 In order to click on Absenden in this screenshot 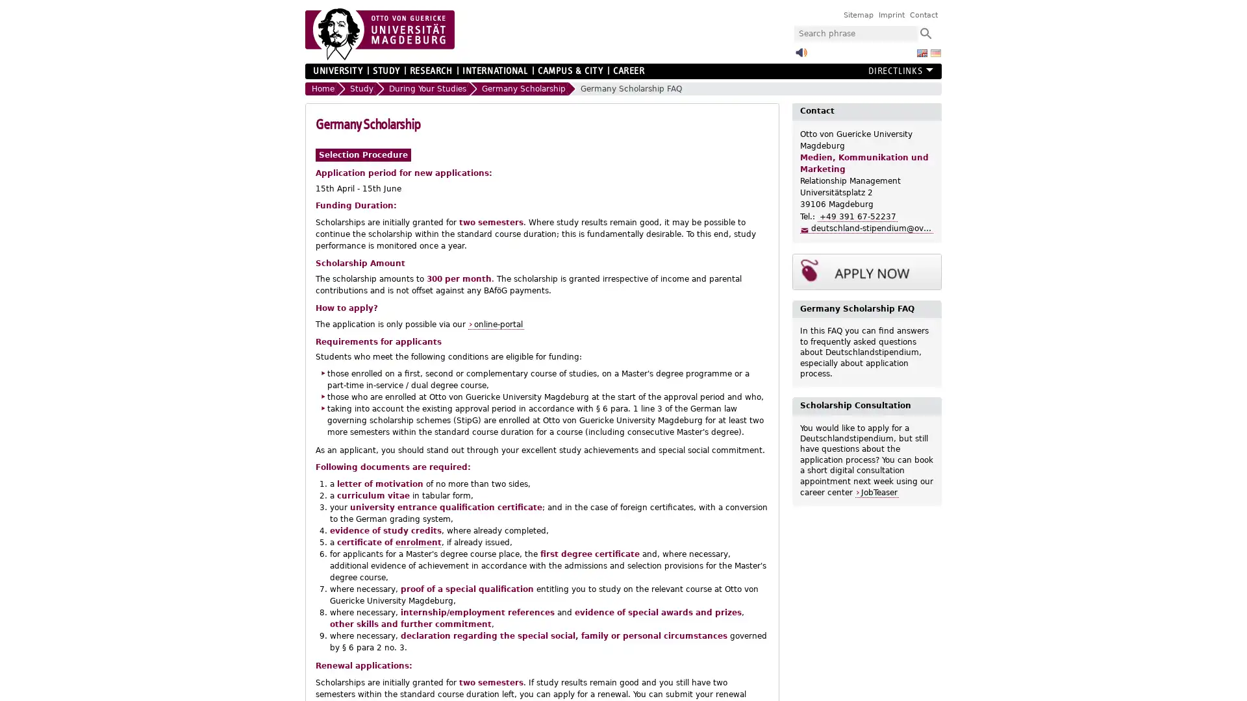, I will do `click(925, 32)`.